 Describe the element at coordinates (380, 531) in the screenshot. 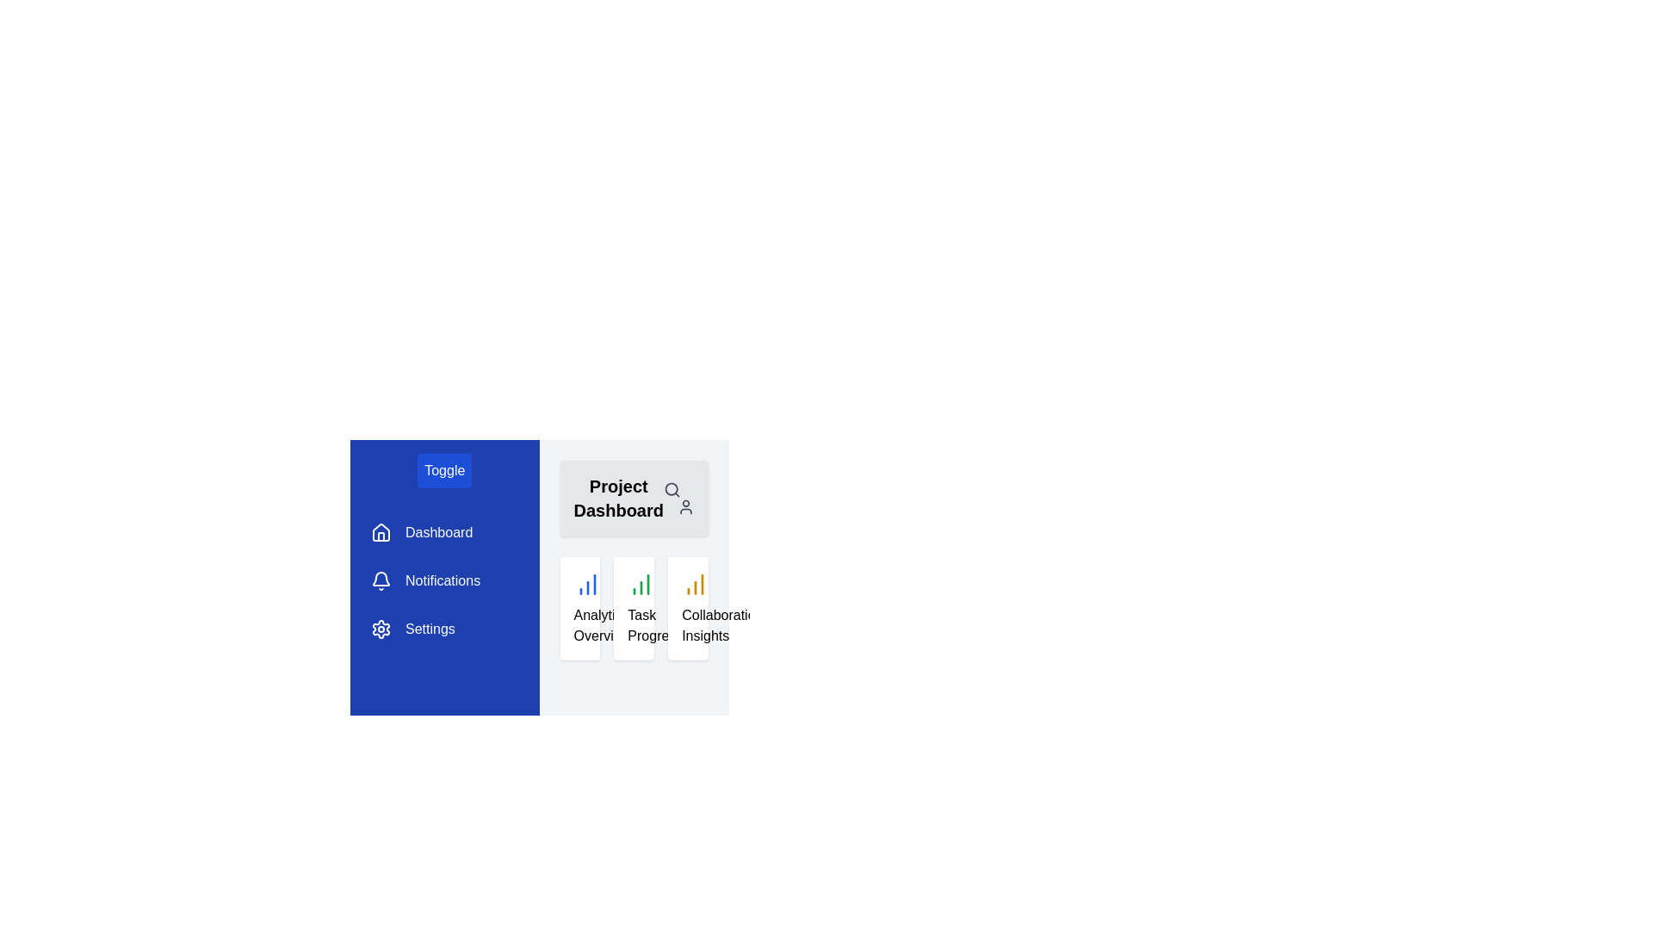

I see `the first icon in the left navigation menu that represents the 'Dashboard'` at that location.